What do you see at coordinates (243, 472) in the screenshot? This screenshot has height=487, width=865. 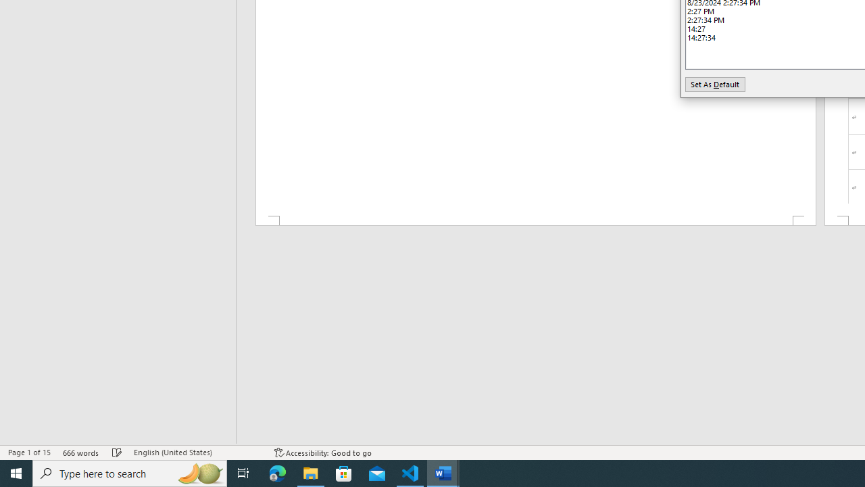 I see `'Task View'` at bounding box center [243, 472].